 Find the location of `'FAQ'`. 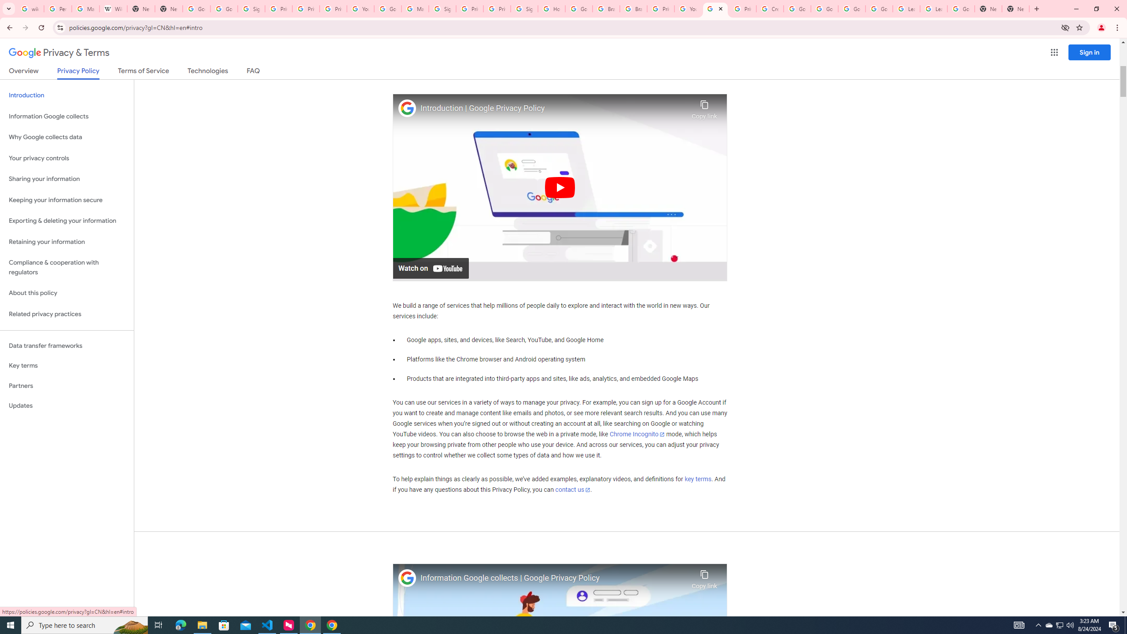

'FAQ' is located at coordinates (253, 72).